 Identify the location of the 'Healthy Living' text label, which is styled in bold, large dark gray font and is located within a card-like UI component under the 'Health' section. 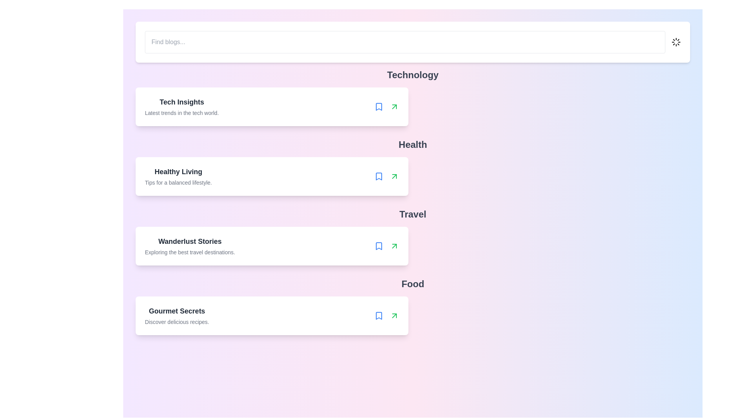
(178, 171).